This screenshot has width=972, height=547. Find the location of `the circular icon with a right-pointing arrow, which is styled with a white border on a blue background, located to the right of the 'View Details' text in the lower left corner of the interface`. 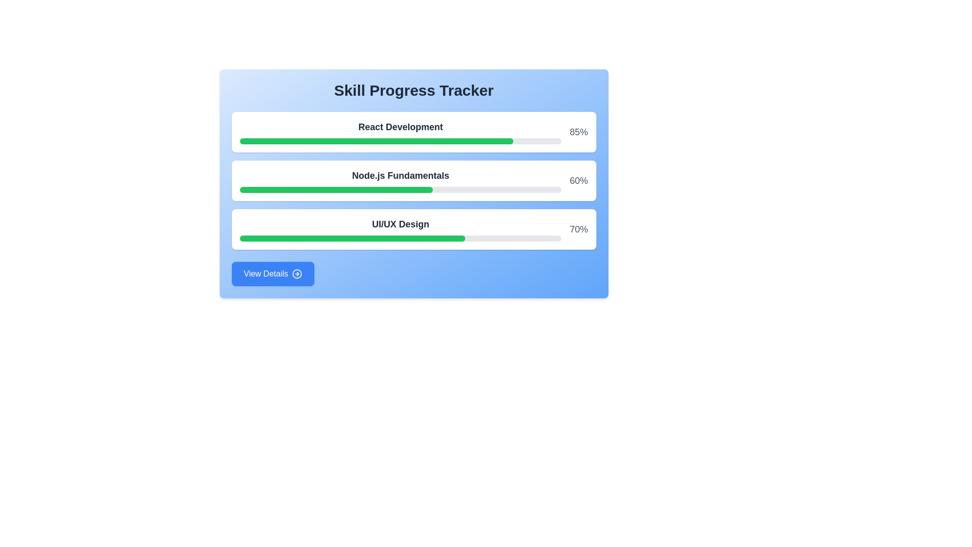

the circular icon with a right-pointing arrow, which is styled with a white border on a blue background, located to the right of the 'View Details' text in the lower left corner of the interface is located at coordinates (297, 273).